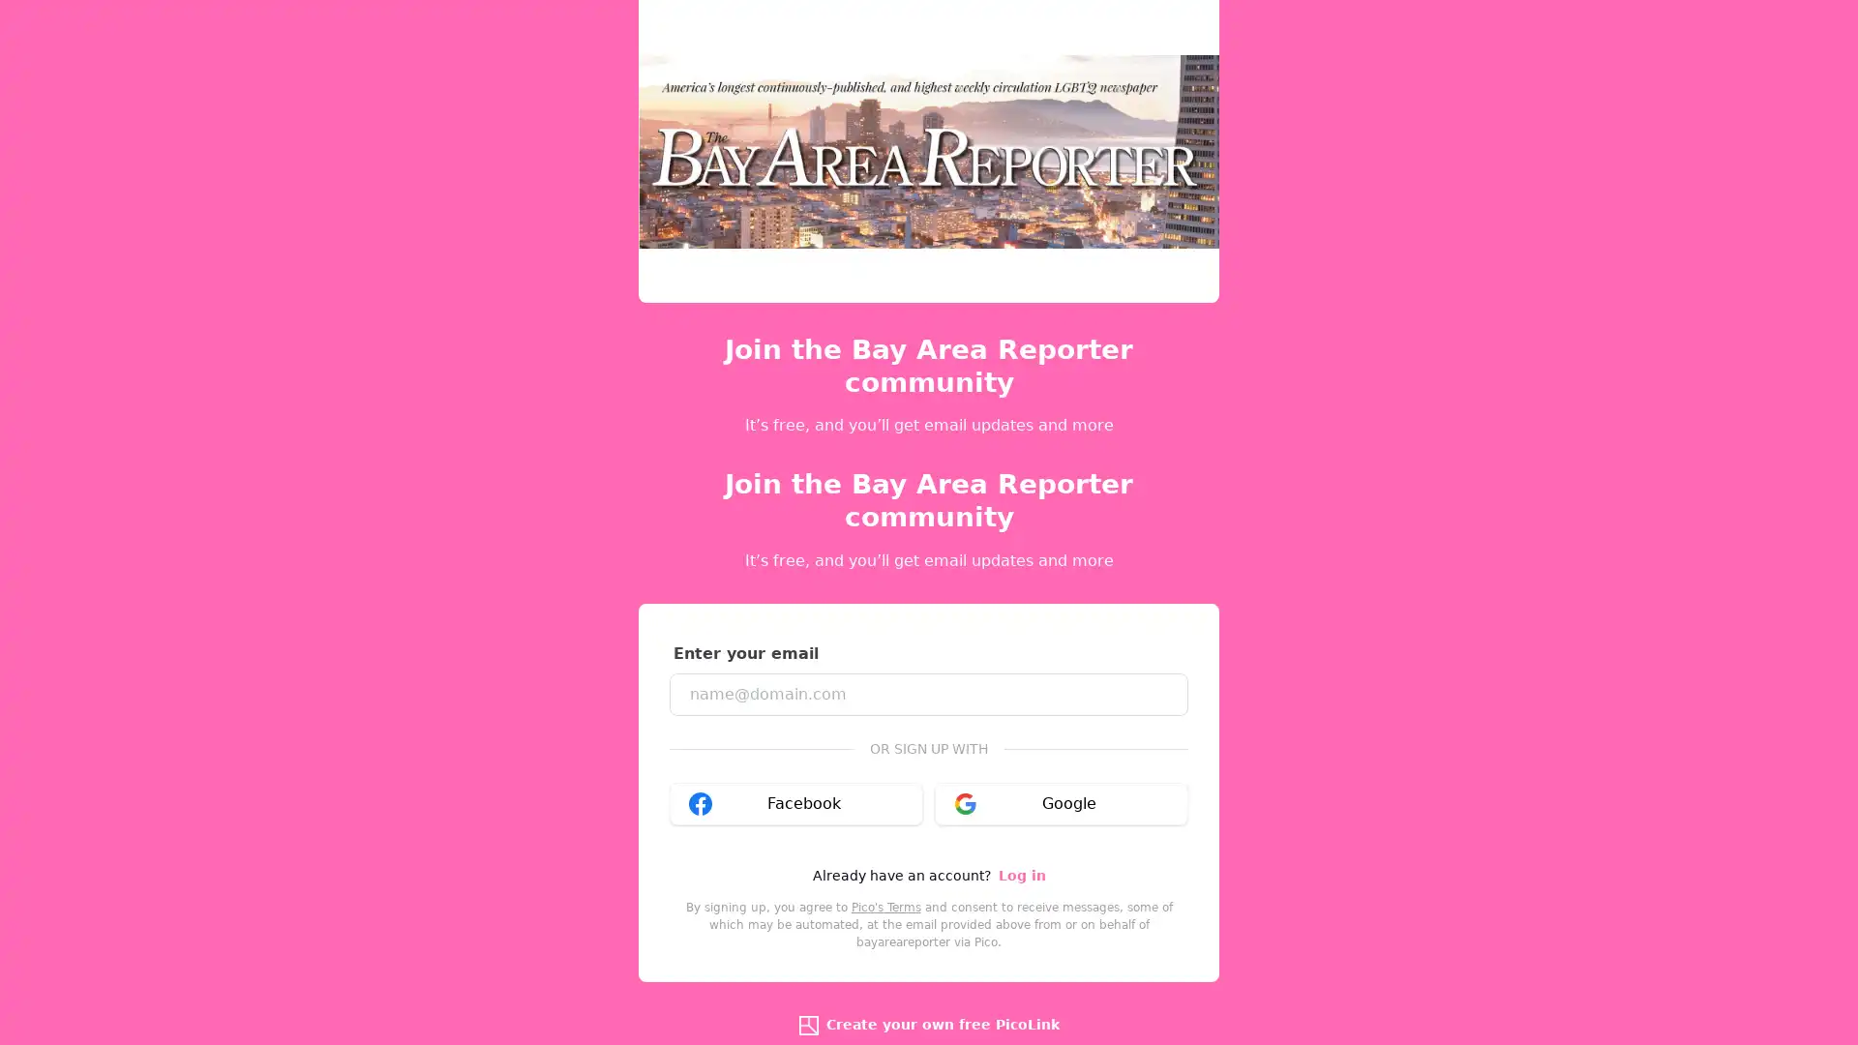  What do you see at coordinates (929, 873) in the screenshot?
I see `Sign up` at bounding box center [929, 873].